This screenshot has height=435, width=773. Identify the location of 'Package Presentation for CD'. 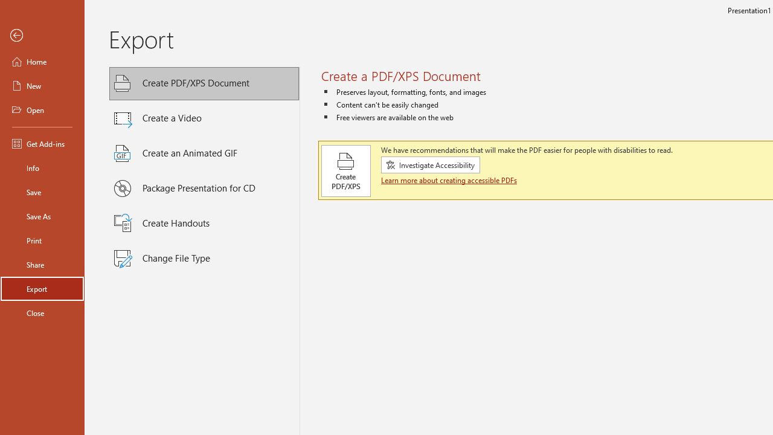
(204, 188).